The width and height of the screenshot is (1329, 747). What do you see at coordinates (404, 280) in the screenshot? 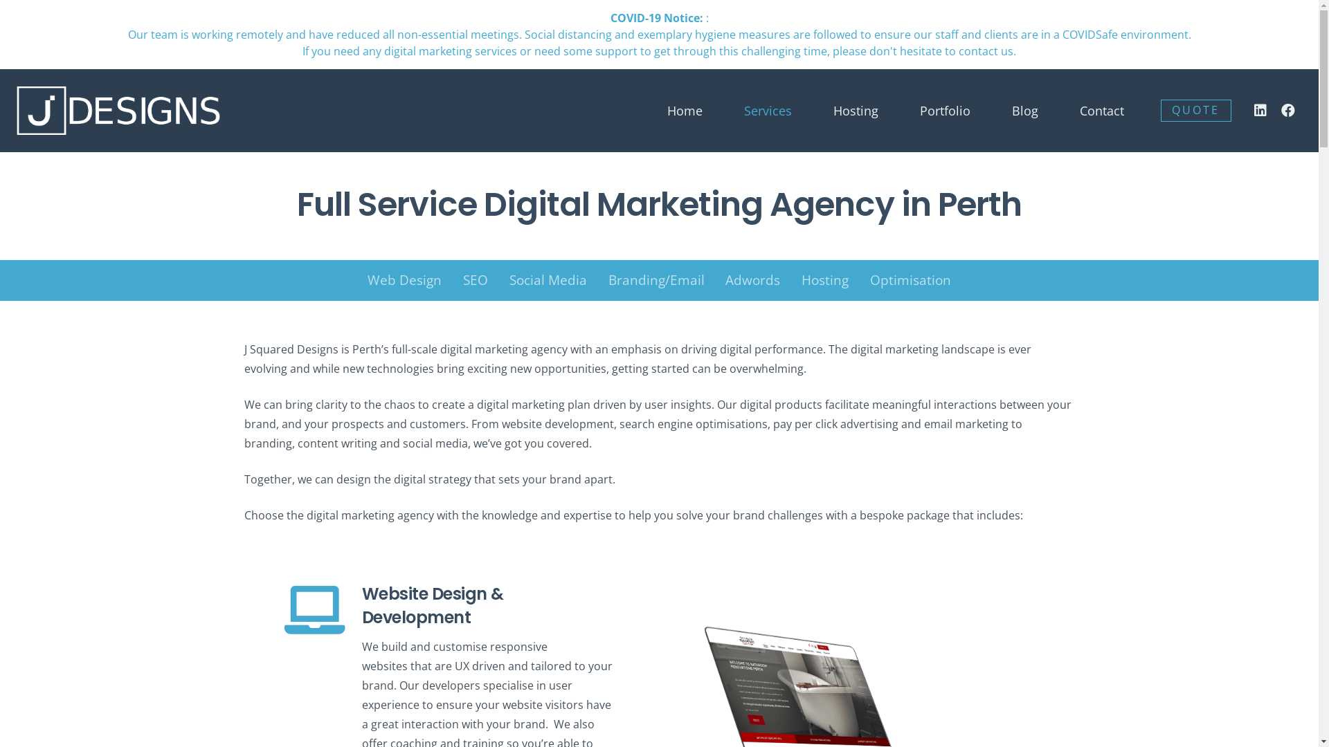
I see `'Web Design'` at bounding box center [404, 280].